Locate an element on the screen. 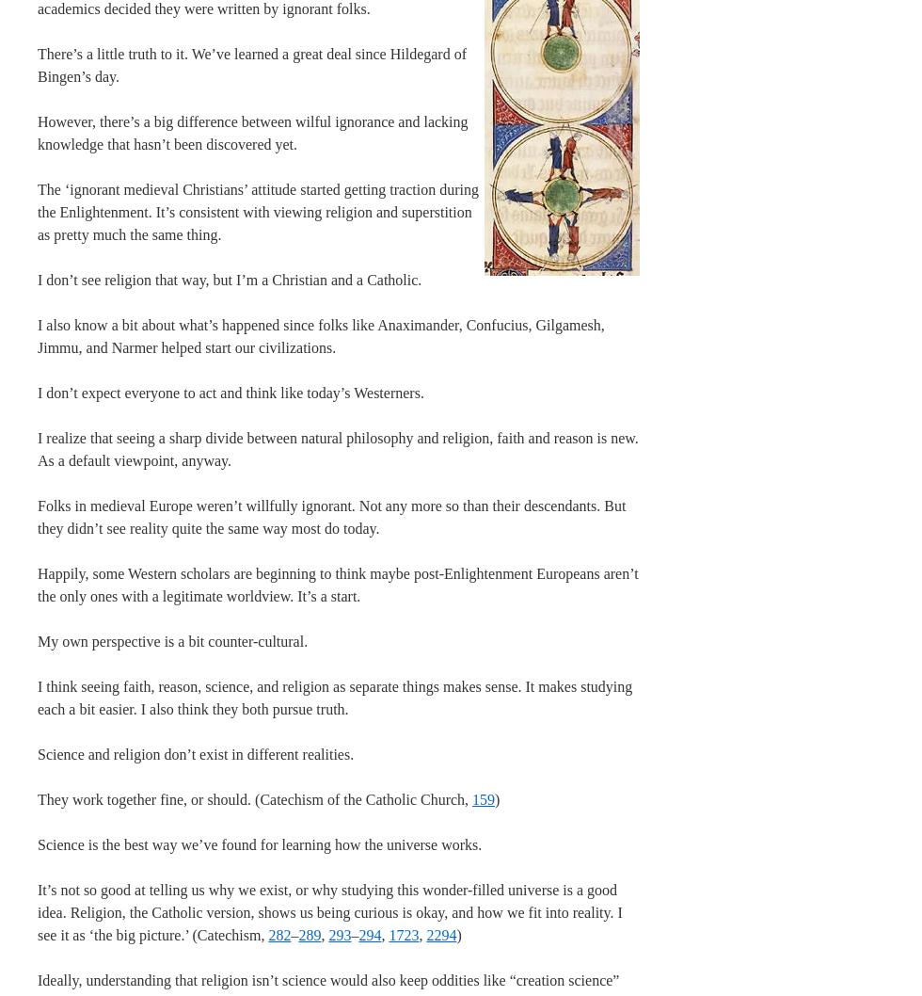  '282' is located at coordinates (279, 934).